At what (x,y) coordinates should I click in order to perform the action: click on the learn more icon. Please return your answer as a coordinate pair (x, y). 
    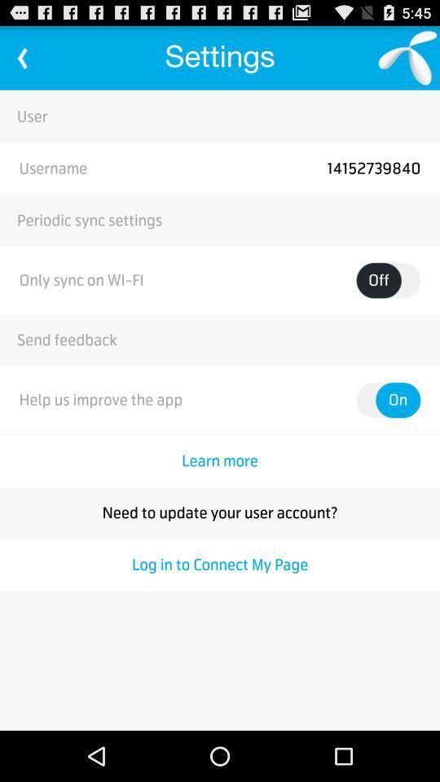
    Looking at the image, I should click on (220, 461).